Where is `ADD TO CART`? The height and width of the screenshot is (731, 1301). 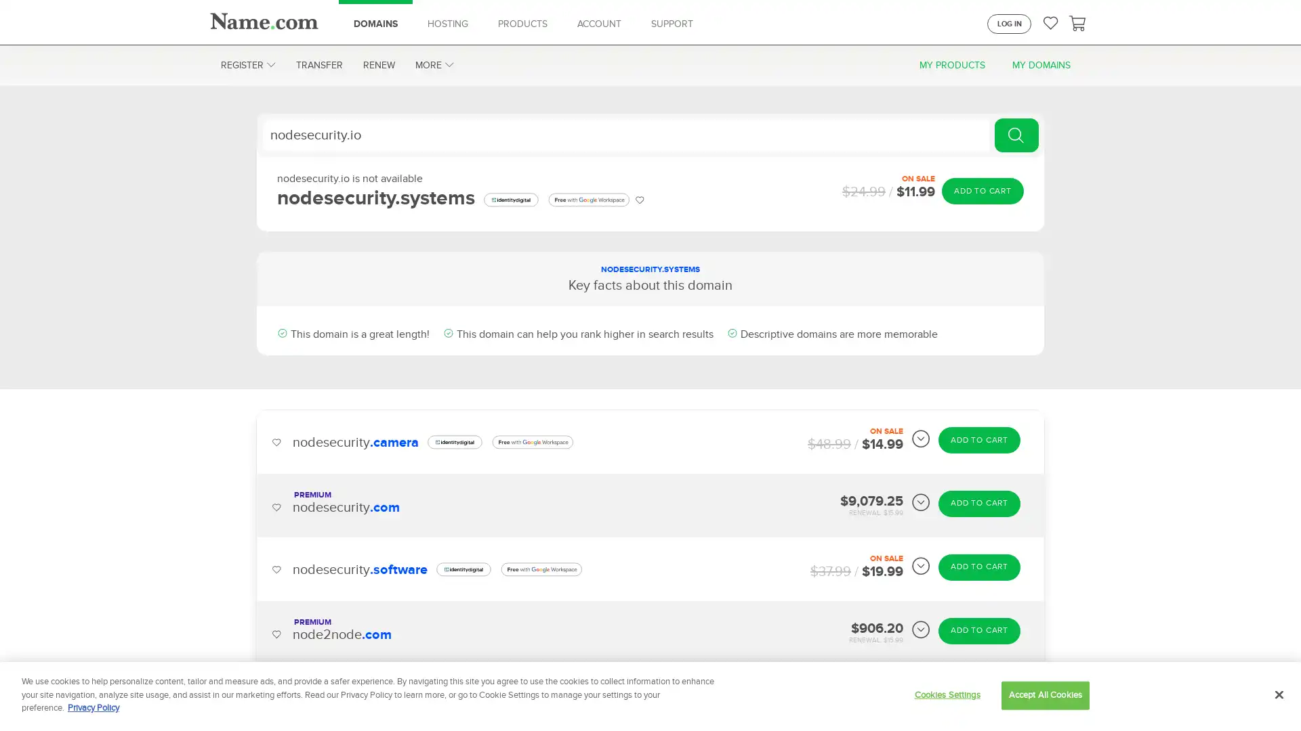 ADD TO CART is located at coordinates (979, 694).